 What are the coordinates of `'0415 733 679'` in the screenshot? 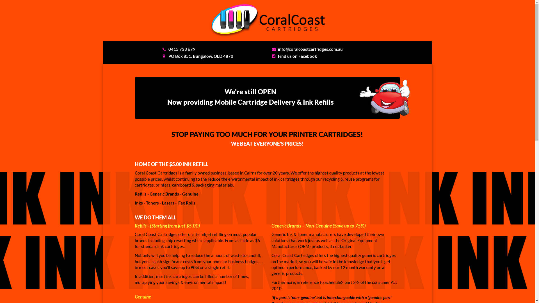 It's located at (182, 49).